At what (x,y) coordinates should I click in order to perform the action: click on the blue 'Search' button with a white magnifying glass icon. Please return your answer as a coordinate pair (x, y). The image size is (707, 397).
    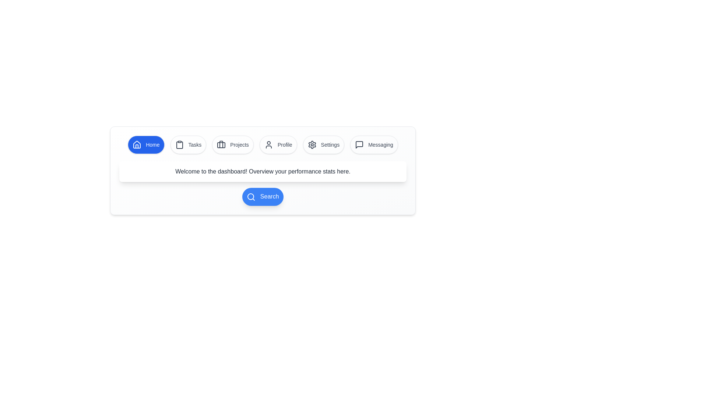
    Looking at the image, I should click on (263, 196).